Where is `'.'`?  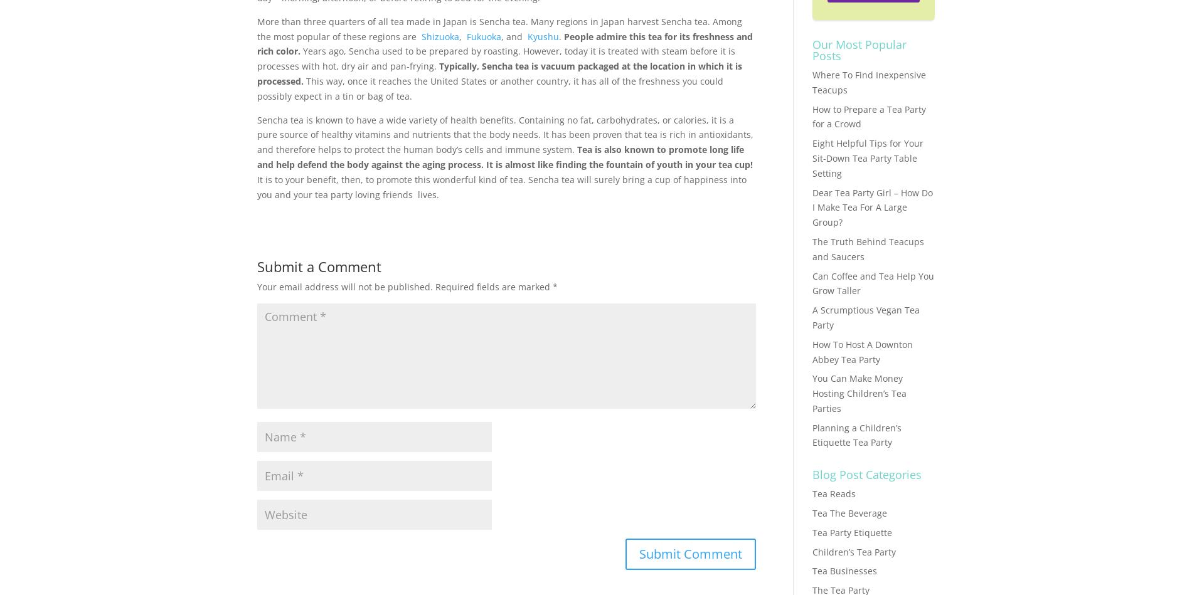
'.' is located at coordinates (561, 36).